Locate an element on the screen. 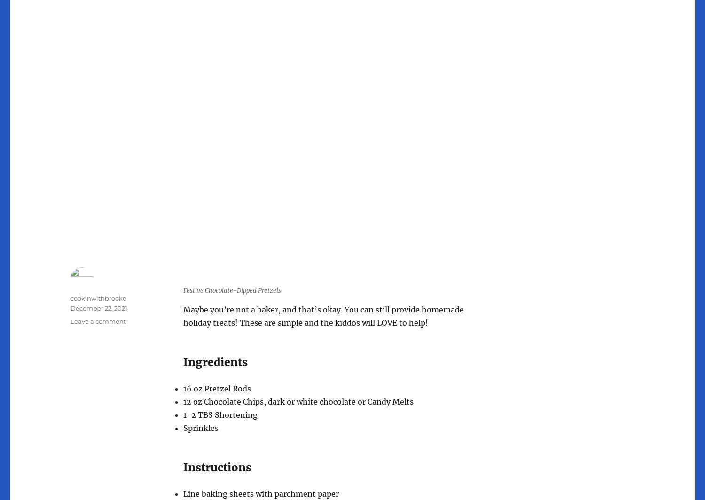  'cookinwithbrooke' is located at coordinates (98, 298).